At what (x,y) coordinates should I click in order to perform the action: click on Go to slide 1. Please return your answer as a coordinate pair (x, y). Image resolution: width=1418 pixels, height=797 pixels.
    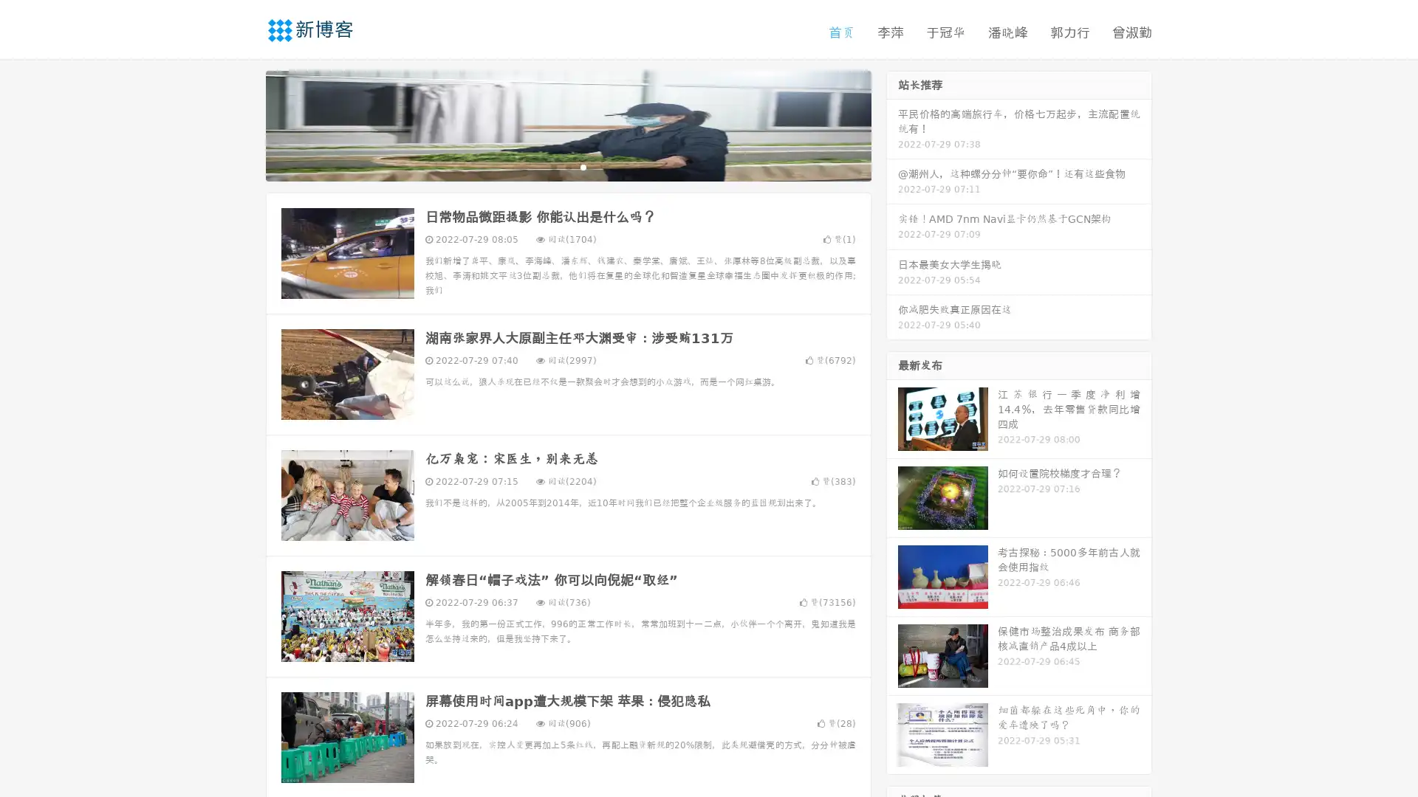
    Looking at the image, I should click on (552, 166).